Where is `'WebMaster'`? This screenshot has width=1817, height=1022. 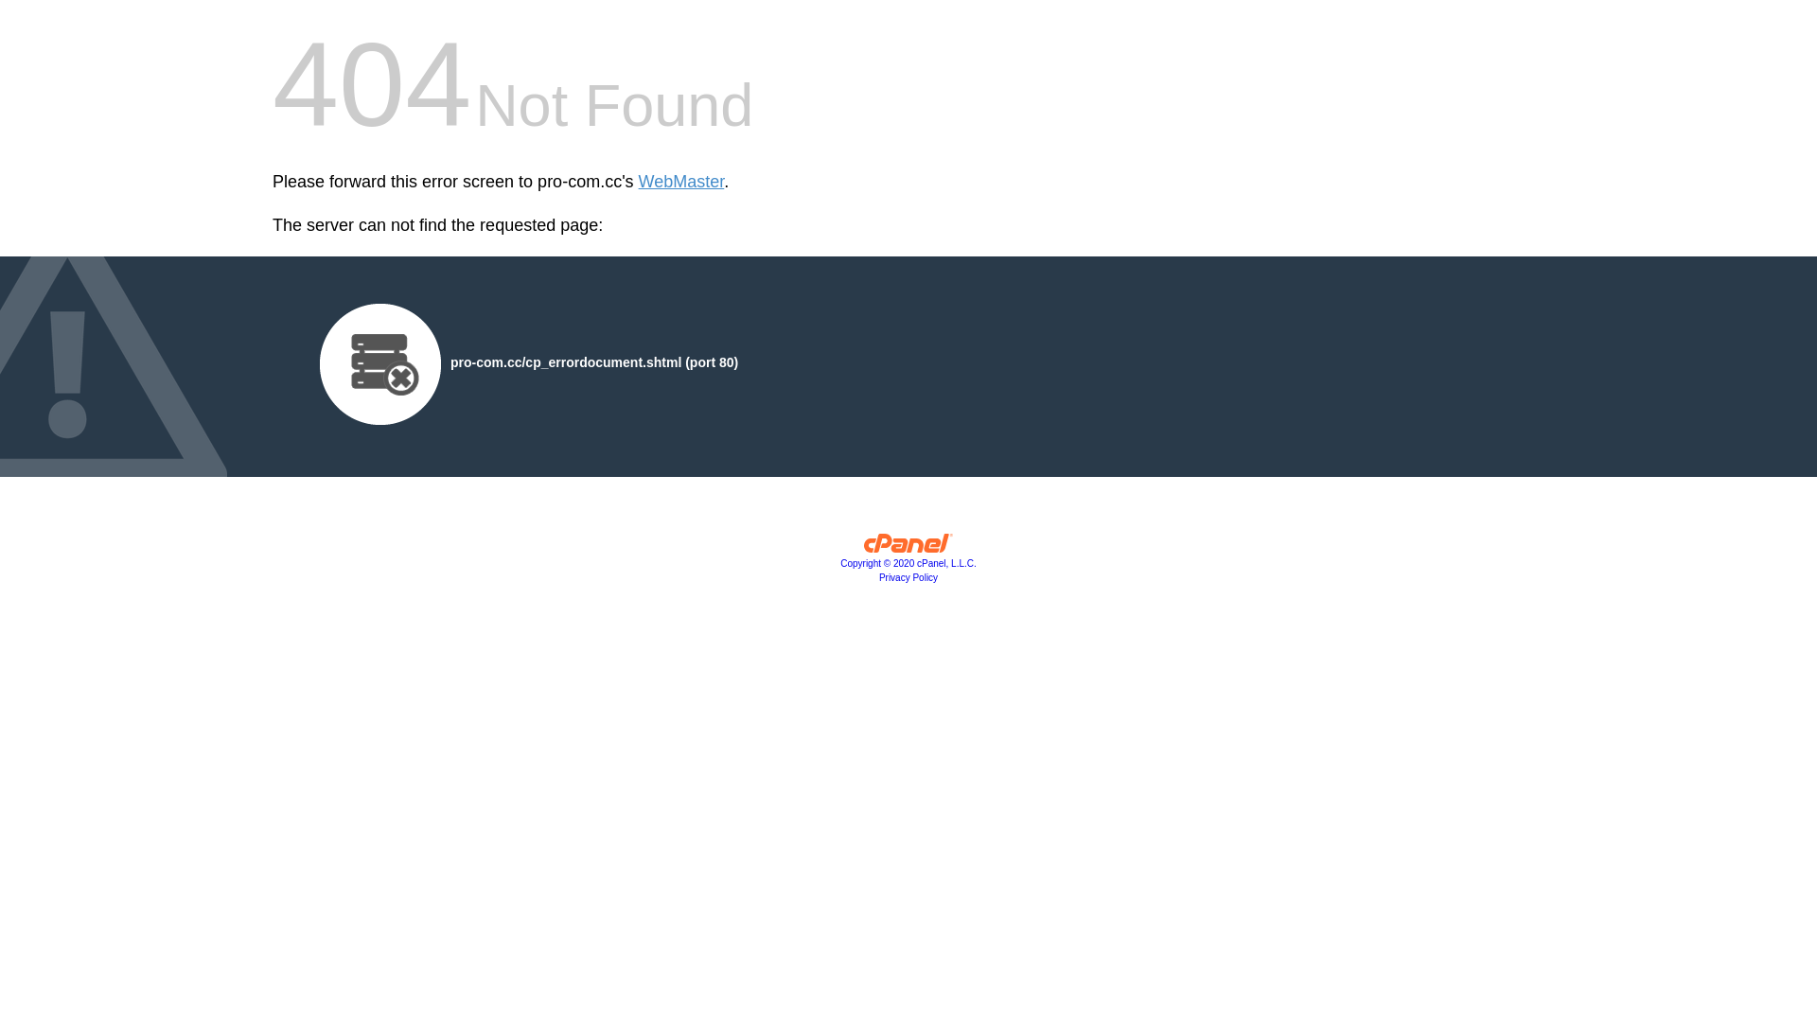 'WebMaster' is located at coordinates (681, 182).